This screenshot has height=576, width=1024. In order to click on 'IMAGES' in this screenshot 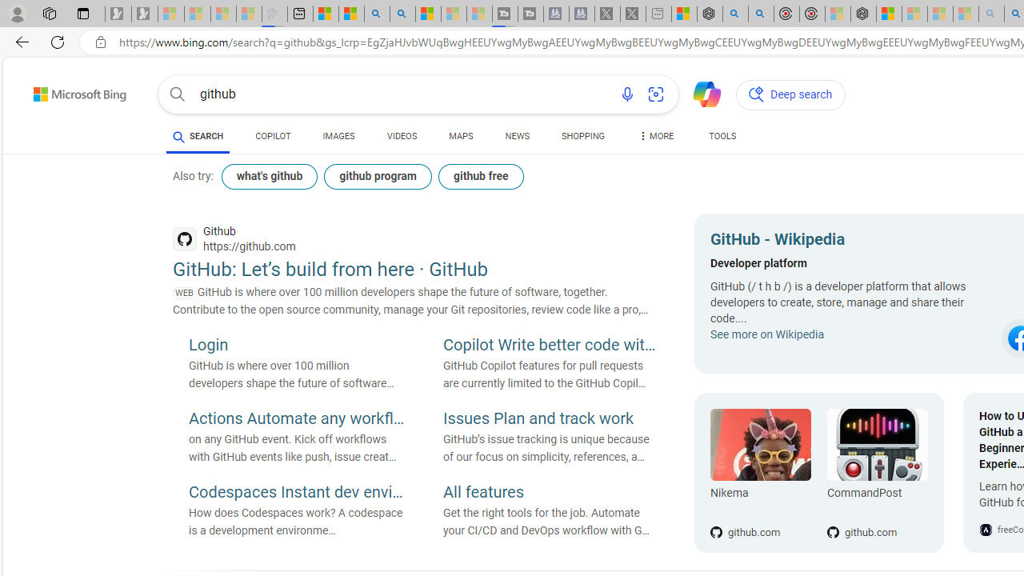, I will do `click(338, 136)`.